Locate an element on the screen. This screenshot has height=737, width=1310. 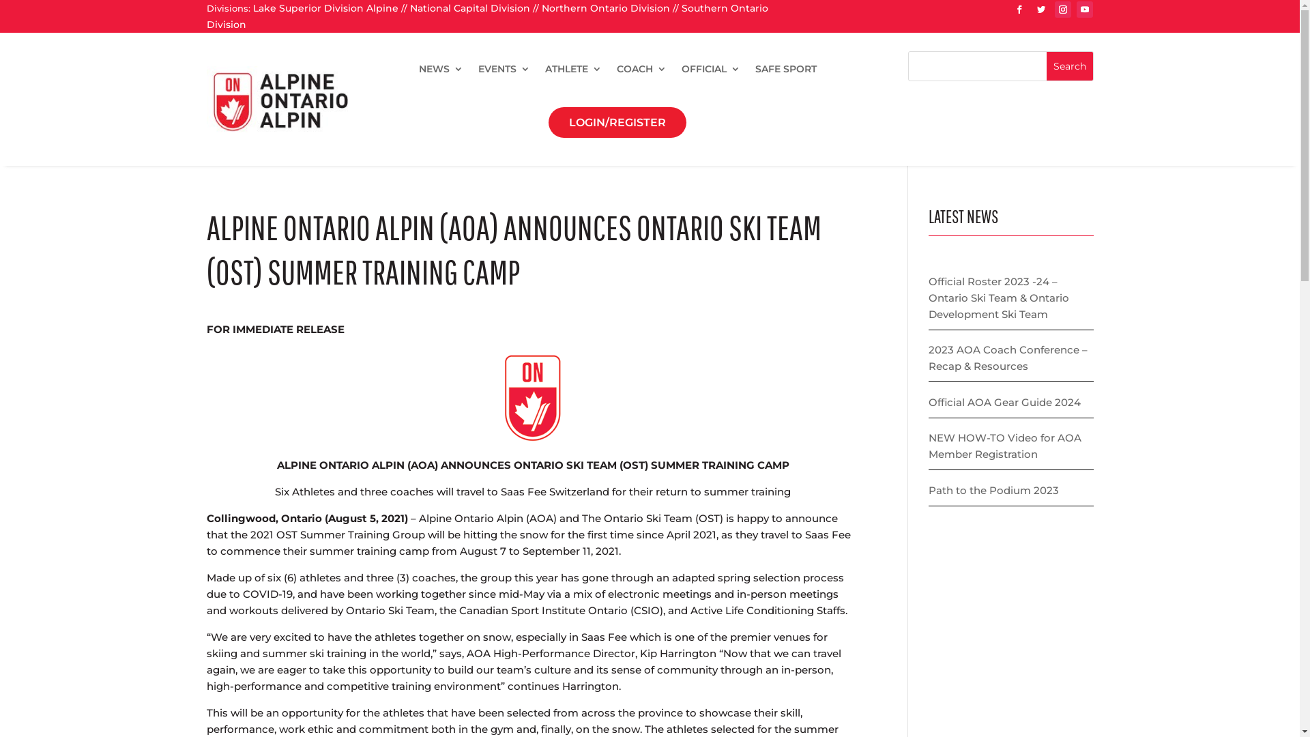
'Follow on Facebook' is located at coordinates (1019, 10).